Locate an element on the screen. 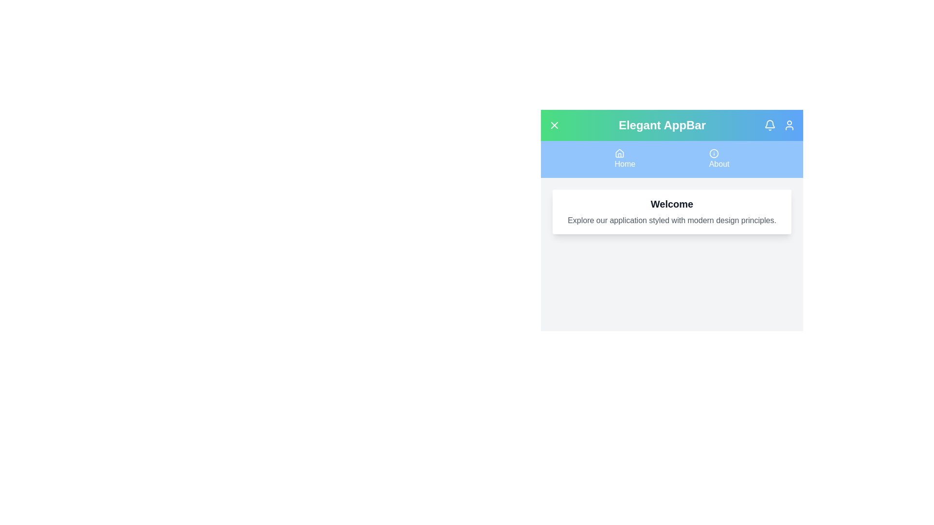  the 'Bell' icon to access notifications is located at coordinates (770, 125).